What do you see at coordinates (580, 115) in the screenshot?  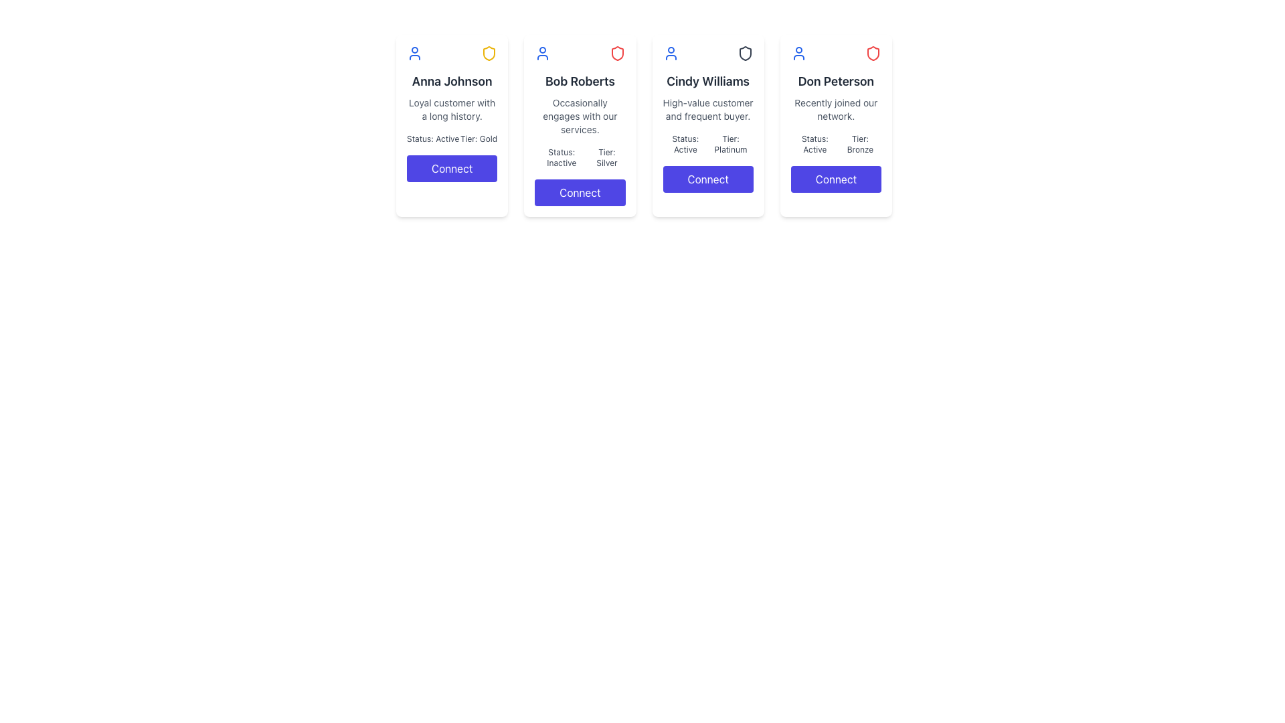 I see `the descriptive text content element associated with the user 'Bob Roberts', located below the header and above the status and tier information` at bounding box center [580, 115].